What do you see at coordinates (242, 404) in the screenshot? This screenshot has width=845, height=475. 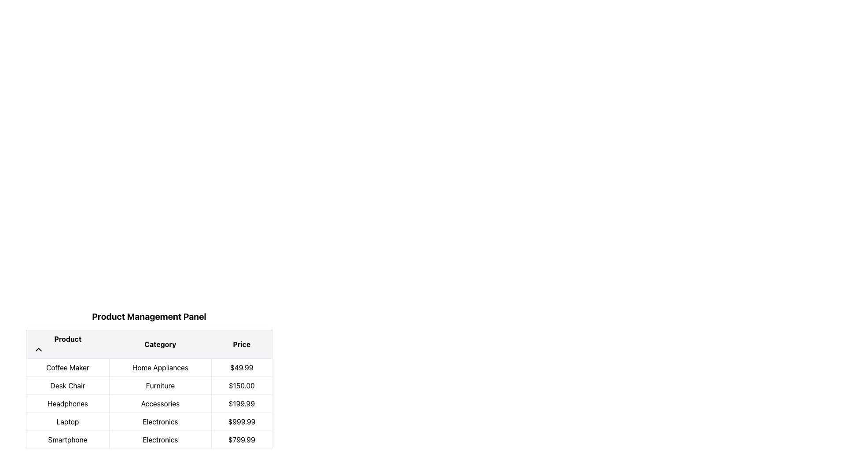 I see `the price text label displaying '$199.99' in the table of the 'Product Management Panel', which is the third cell in the third row` at bounding box center [242, 404].